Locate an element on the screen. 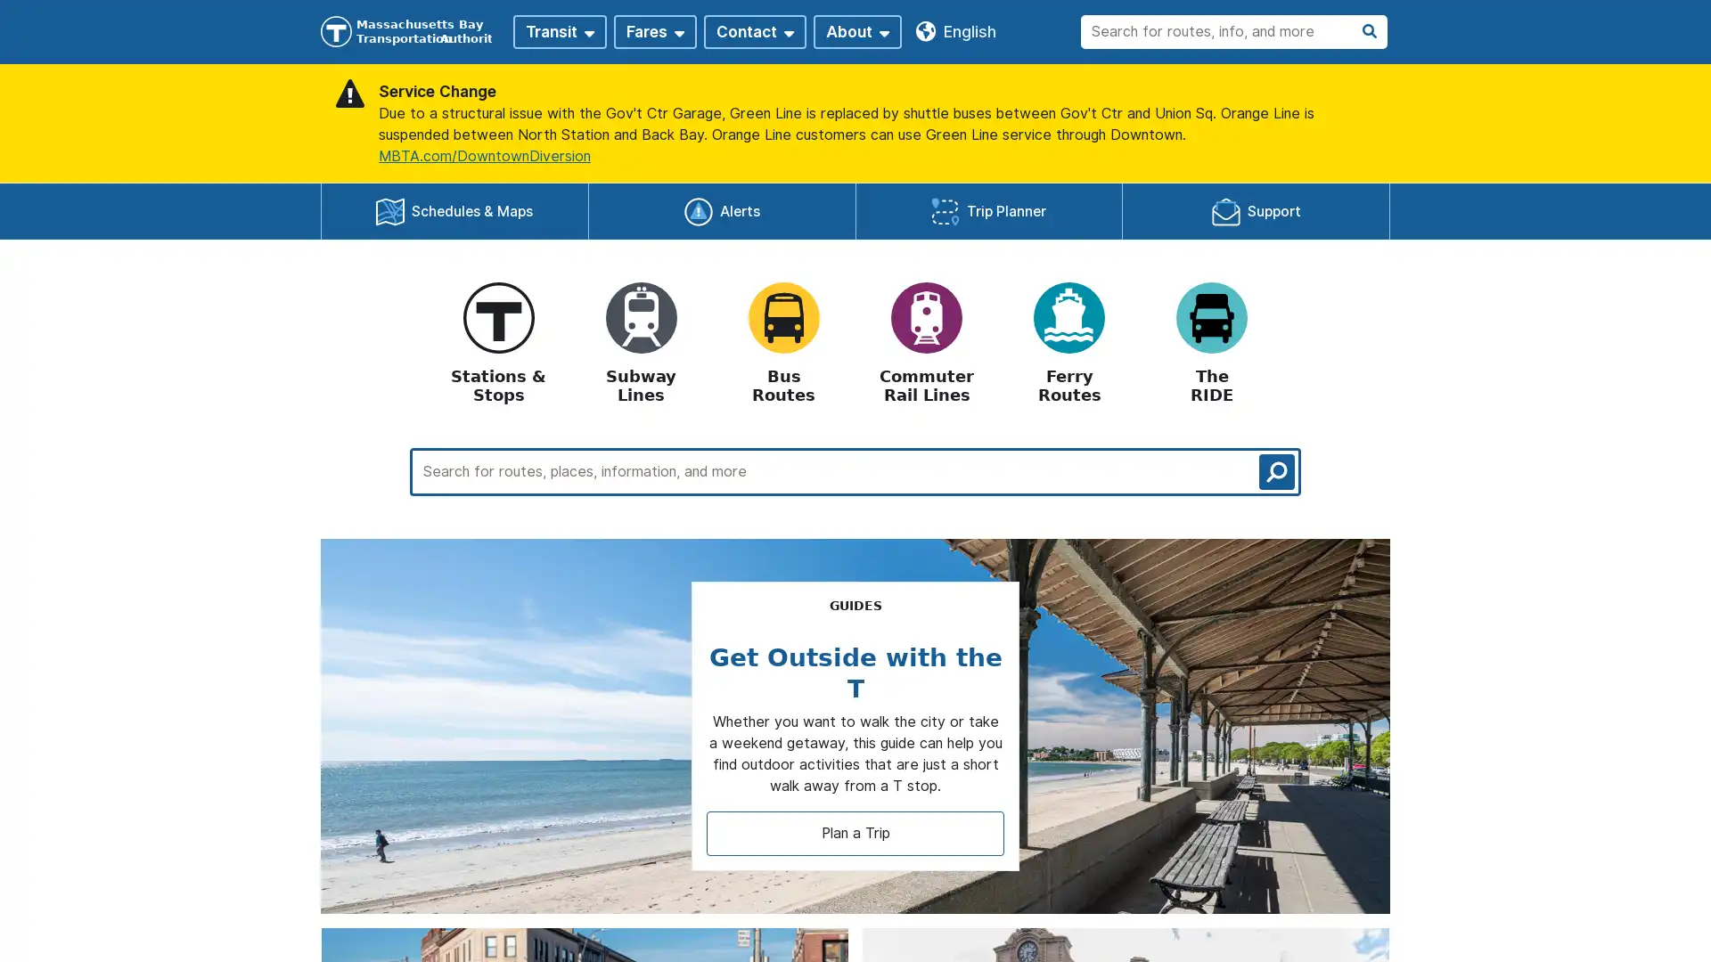  search is located at coordinates (1368, 31).